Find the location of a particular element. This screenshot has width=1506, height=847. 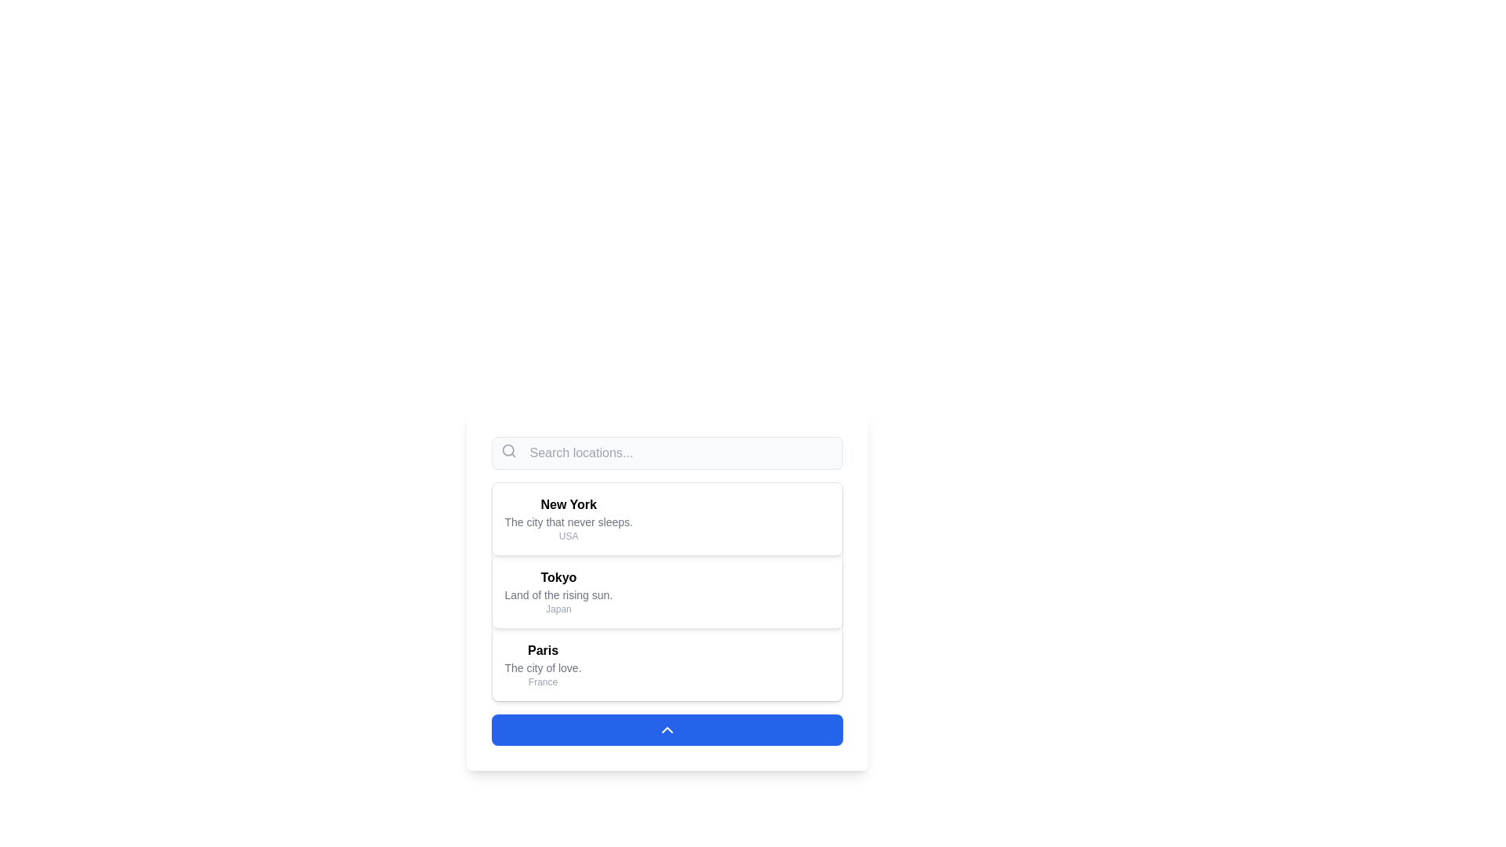

the 'New York' clickable card is located at coordinates (667, 519).